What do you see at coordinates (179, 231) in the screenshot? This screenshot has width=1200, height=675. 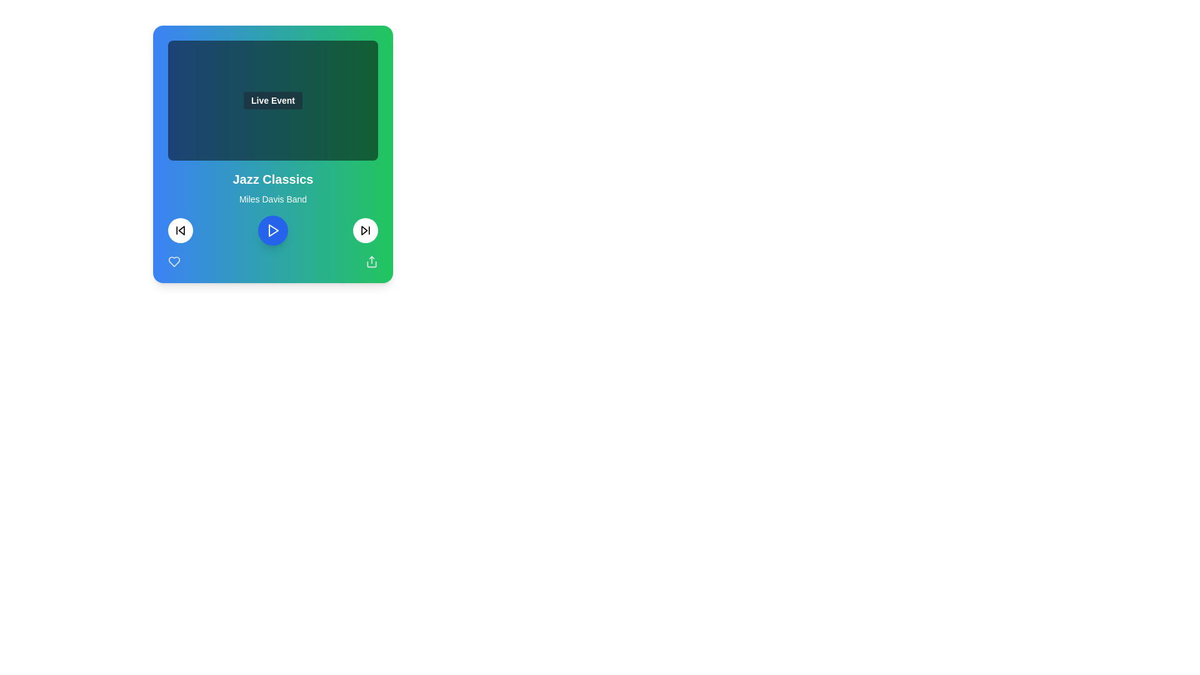 I see `the skip-back button located on the music player interface, positioned to the left of the central play button and to the right of the bottom-left favorite icon, to skip to the previous track` at bounding box center [179, 231].